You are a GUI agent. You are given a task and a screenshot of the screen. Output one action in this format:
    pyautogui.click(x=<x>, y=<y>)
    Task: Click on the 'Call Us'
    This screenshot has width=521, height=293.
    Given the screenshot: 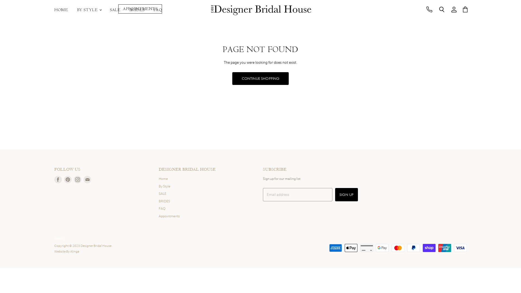 What is the action you would take?
    pyautogui.click(x=429, y=9)
    